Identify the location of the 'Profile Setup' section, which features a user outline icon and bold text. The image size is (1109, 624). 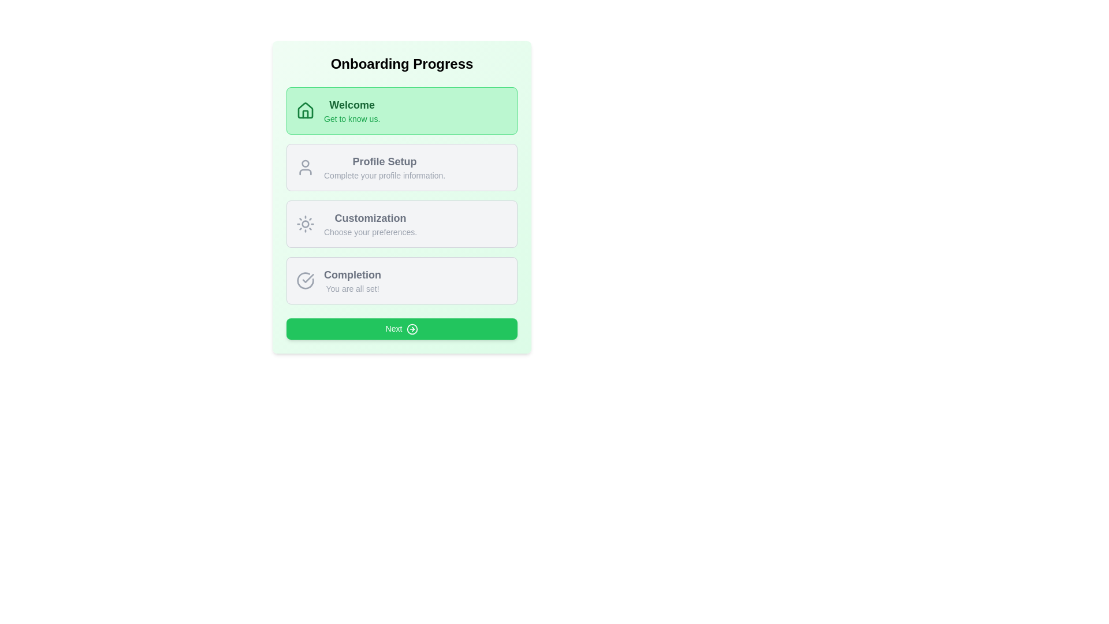
(402, 167).